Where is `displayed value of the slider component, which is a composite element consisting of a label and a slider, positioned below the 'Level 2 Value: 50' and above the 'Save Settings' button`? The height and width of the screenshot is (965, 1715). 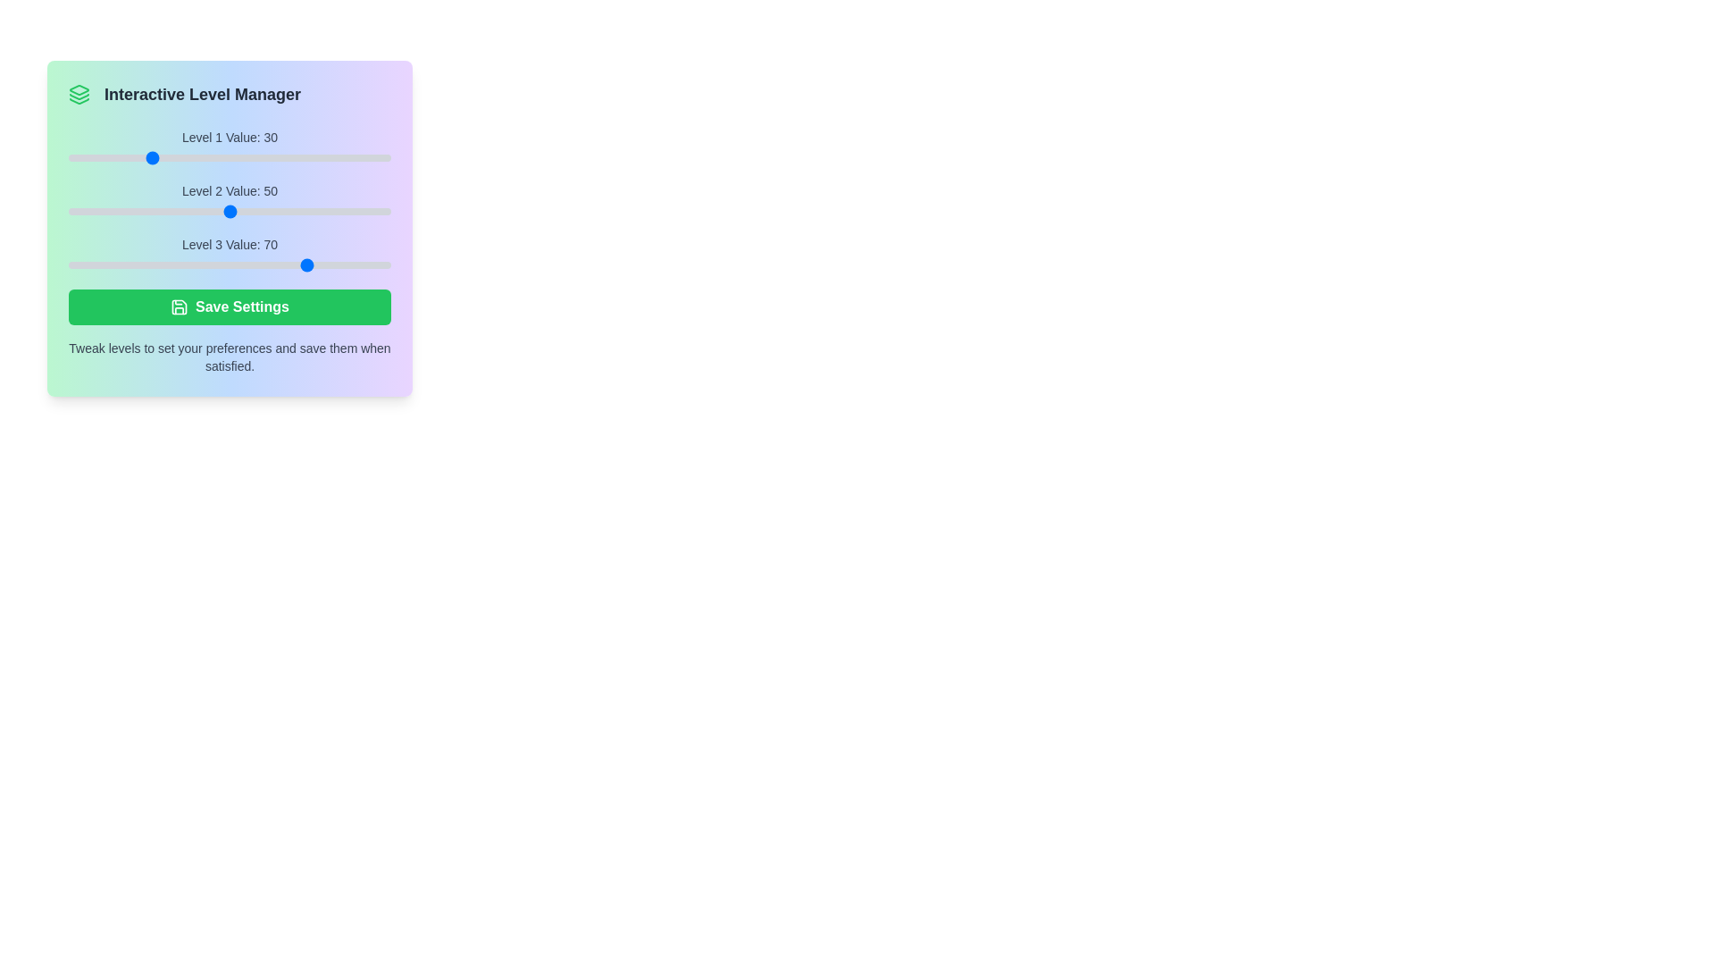
displayed value of the slider component, which is a composite element consisting of a label and a slider, positioned below the 'Level 2 Value: 50' and above the 'Save Settings' button is located at coordinates (229, 255).